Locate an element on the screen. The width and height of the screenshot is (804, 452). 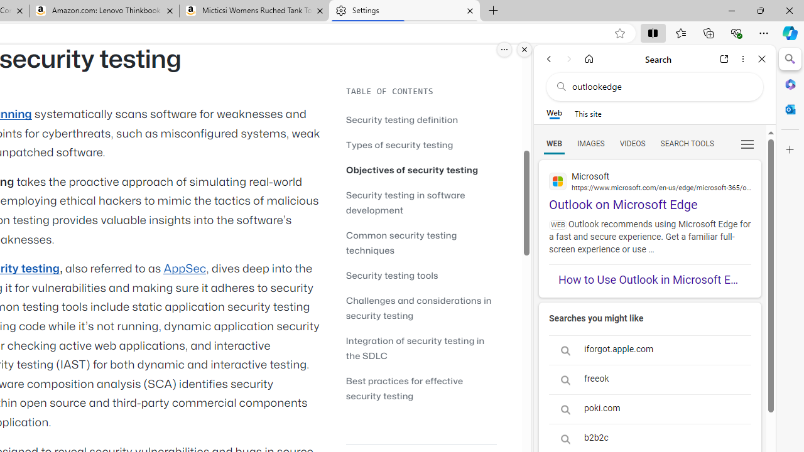
'poki.com' is located at coordinates (649, 409).